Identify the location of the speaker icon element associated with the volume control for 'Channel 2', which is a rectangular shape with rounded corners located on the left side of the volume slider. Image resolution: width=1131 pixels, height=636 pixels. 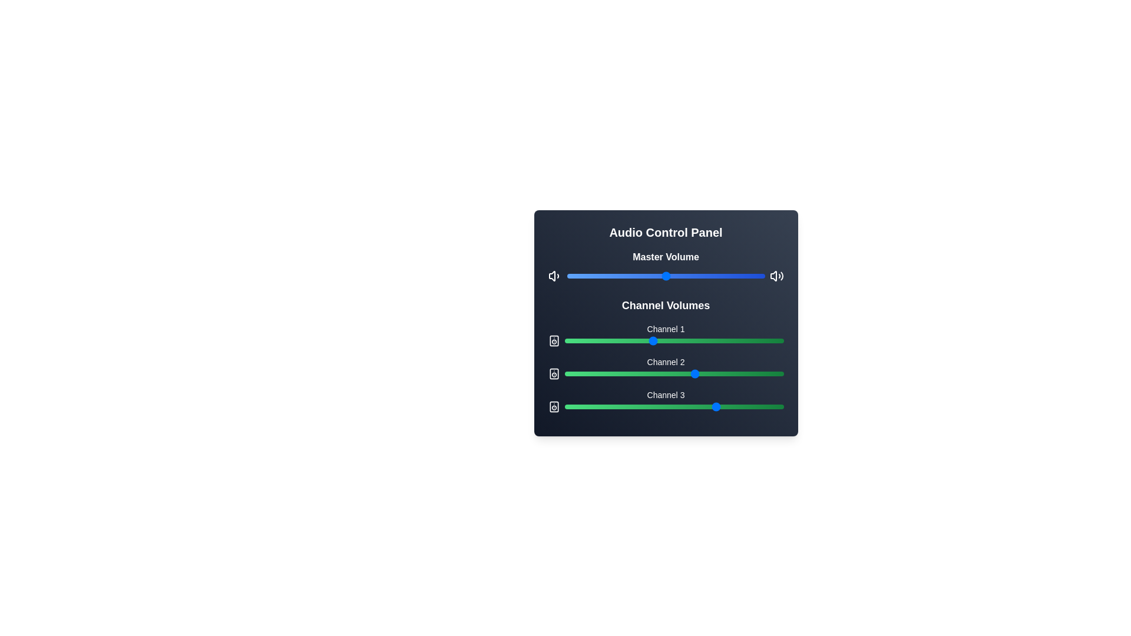
(553, 374).